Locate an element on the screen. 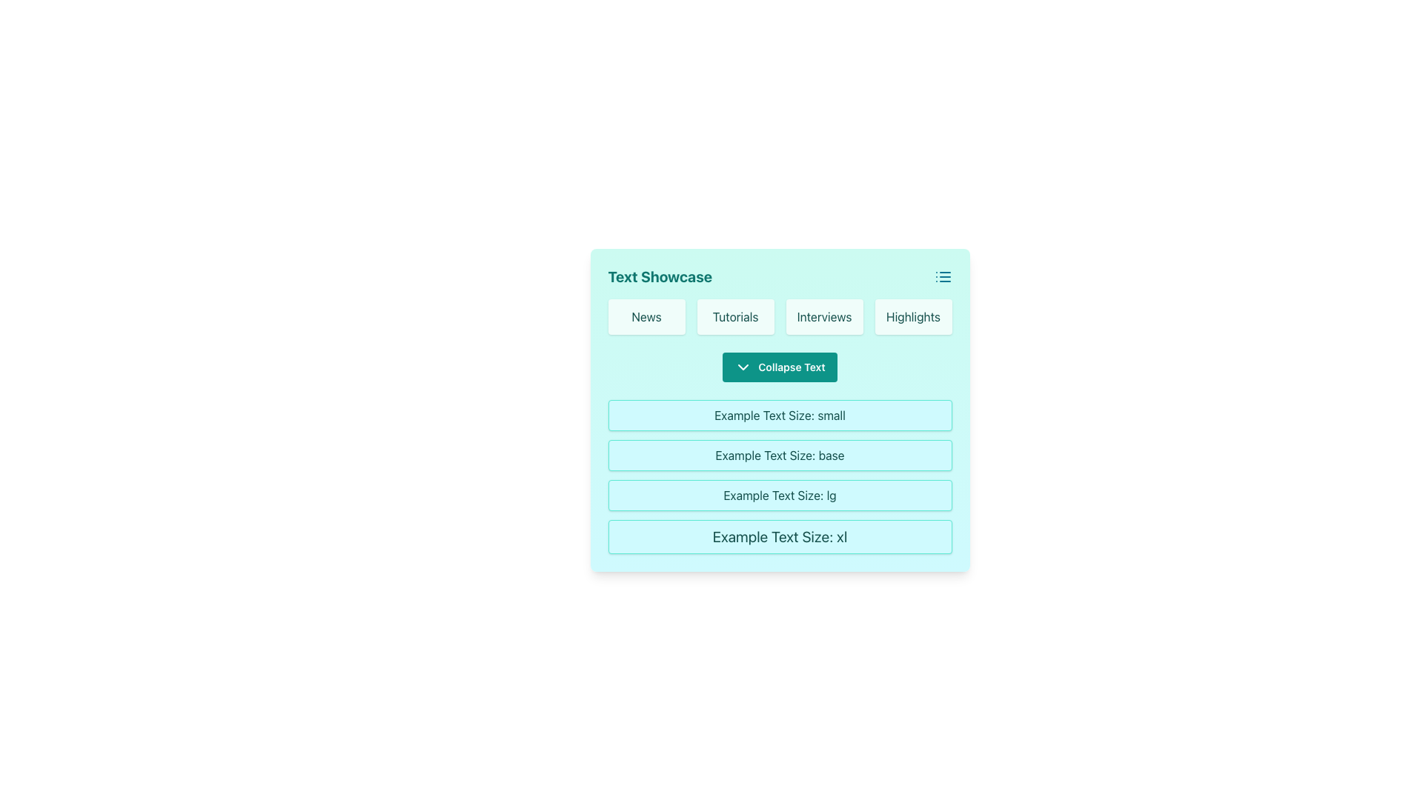 The image size is (1423, 800). the Informational Text Block containing the text 'Example Text Size: small', which is positioned beneath the 'Collapse Text' button is located at coordinates (779, 410).